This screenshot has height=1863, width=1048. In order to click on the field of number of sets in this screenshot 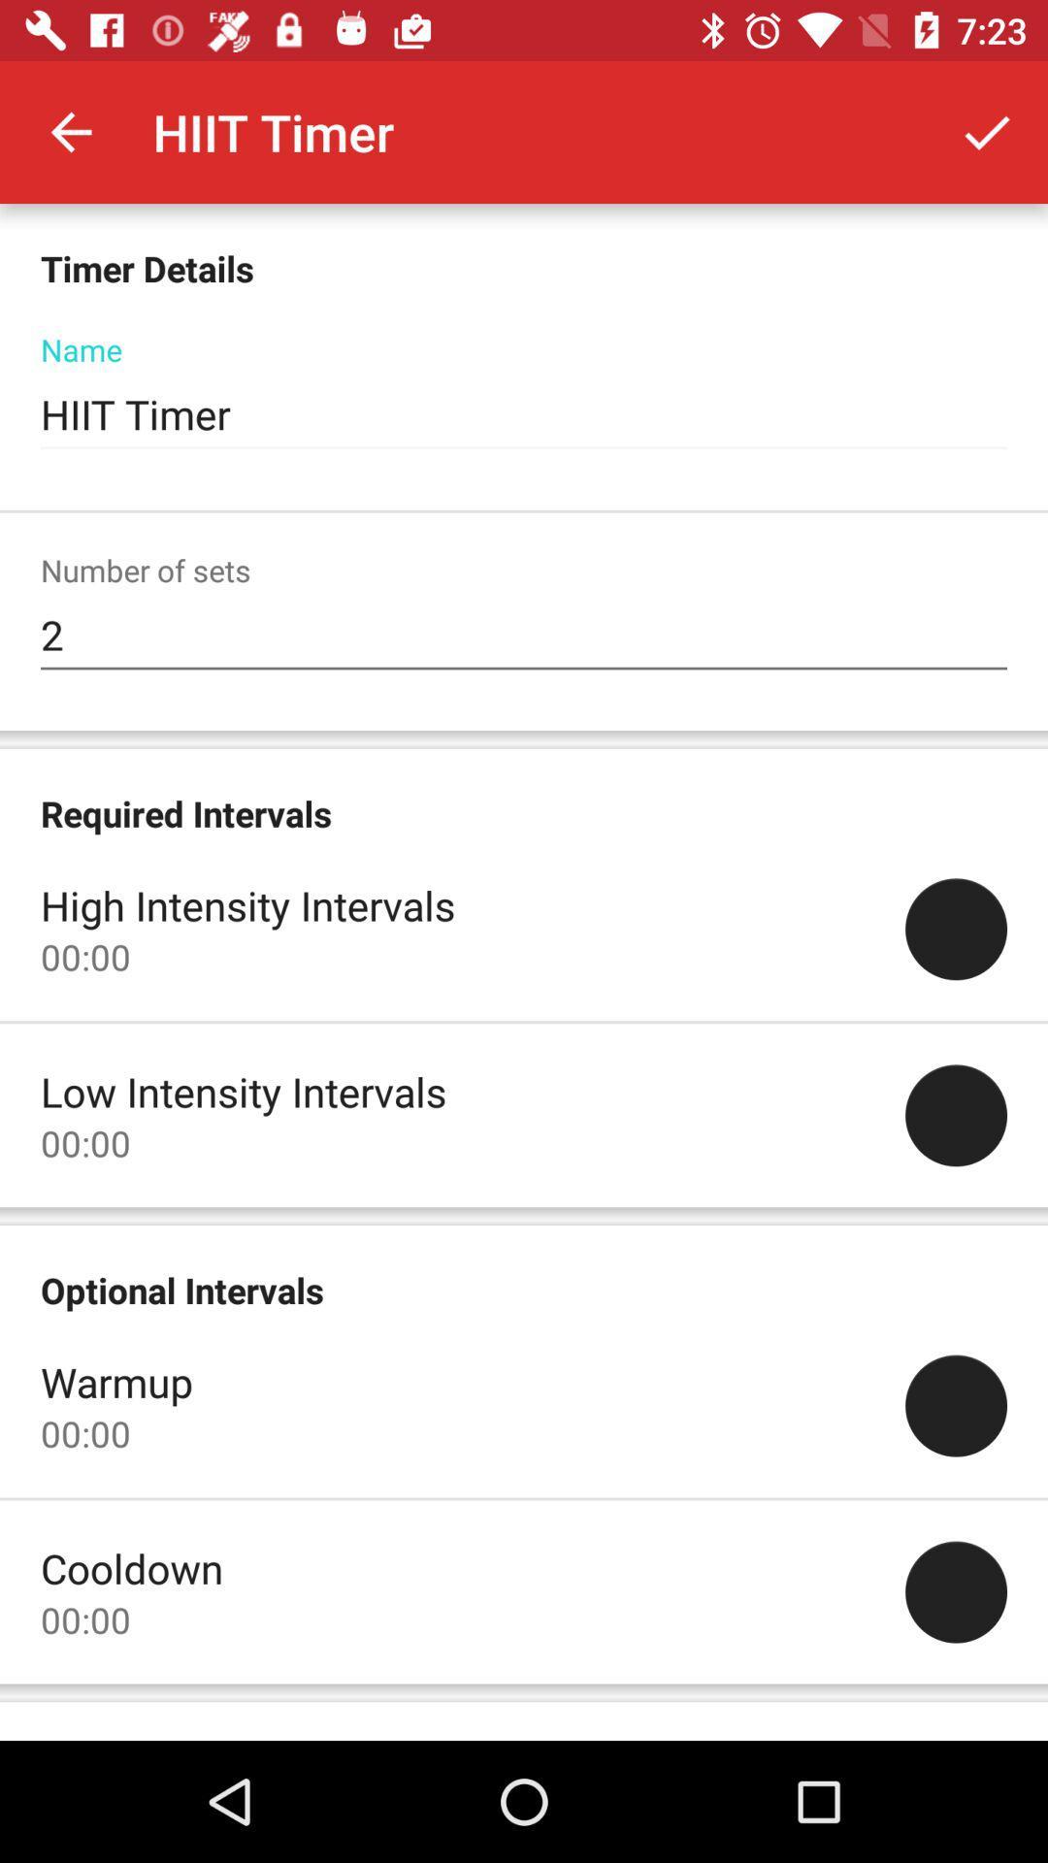, I will do `click(524, 635)`.